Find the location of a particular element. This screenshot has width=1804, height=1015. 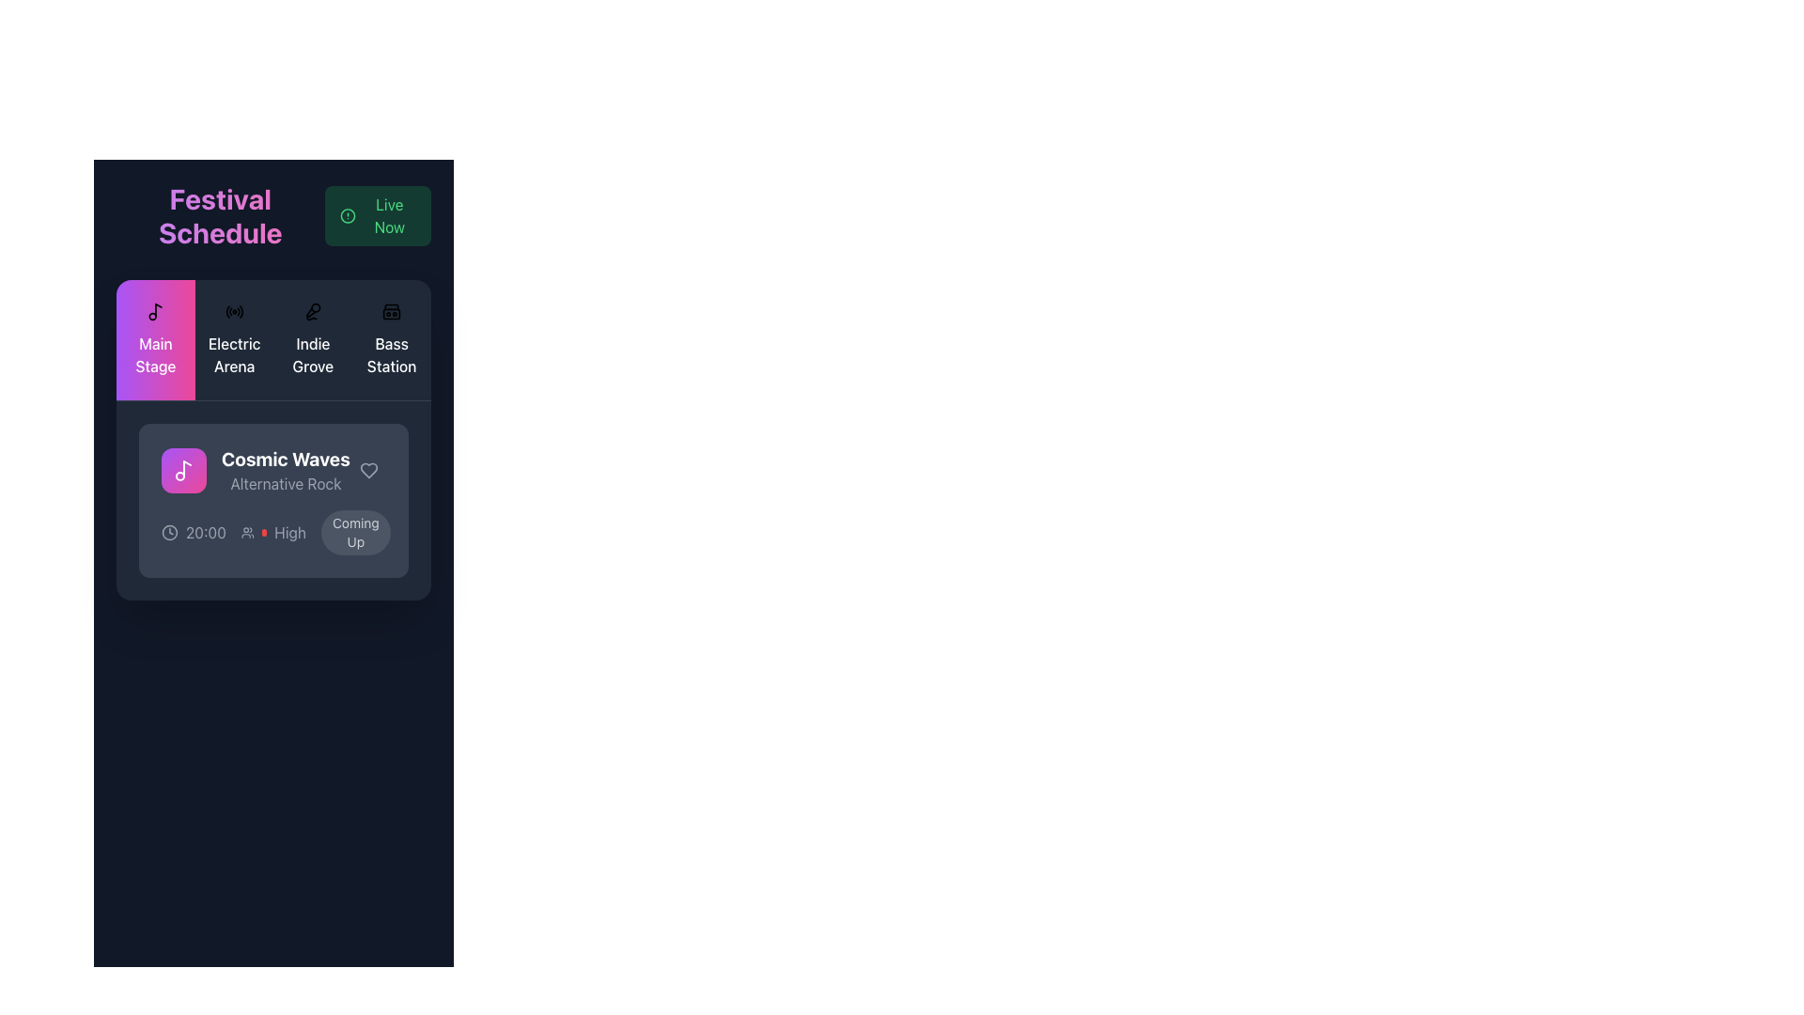

the composite UI element consisting of headings, badges, and clickable category buttons is located at coordinates (272, 390).